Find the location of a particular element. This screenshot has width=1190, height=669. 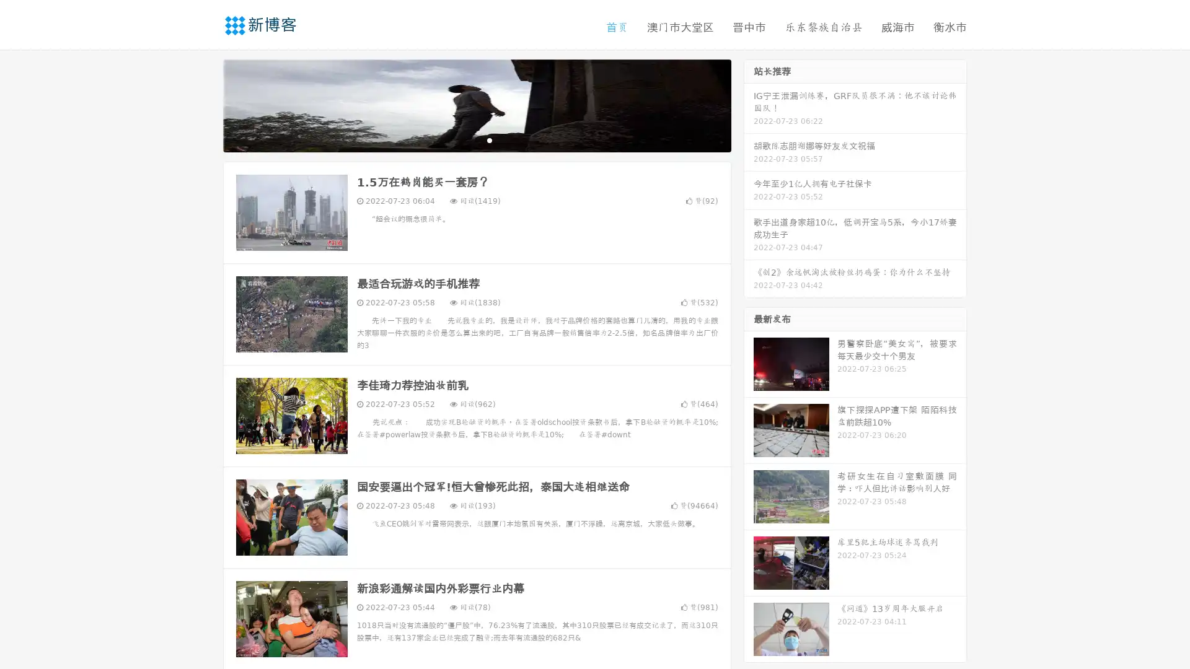

Go to slide 1 is located at coordinates (464, 139).